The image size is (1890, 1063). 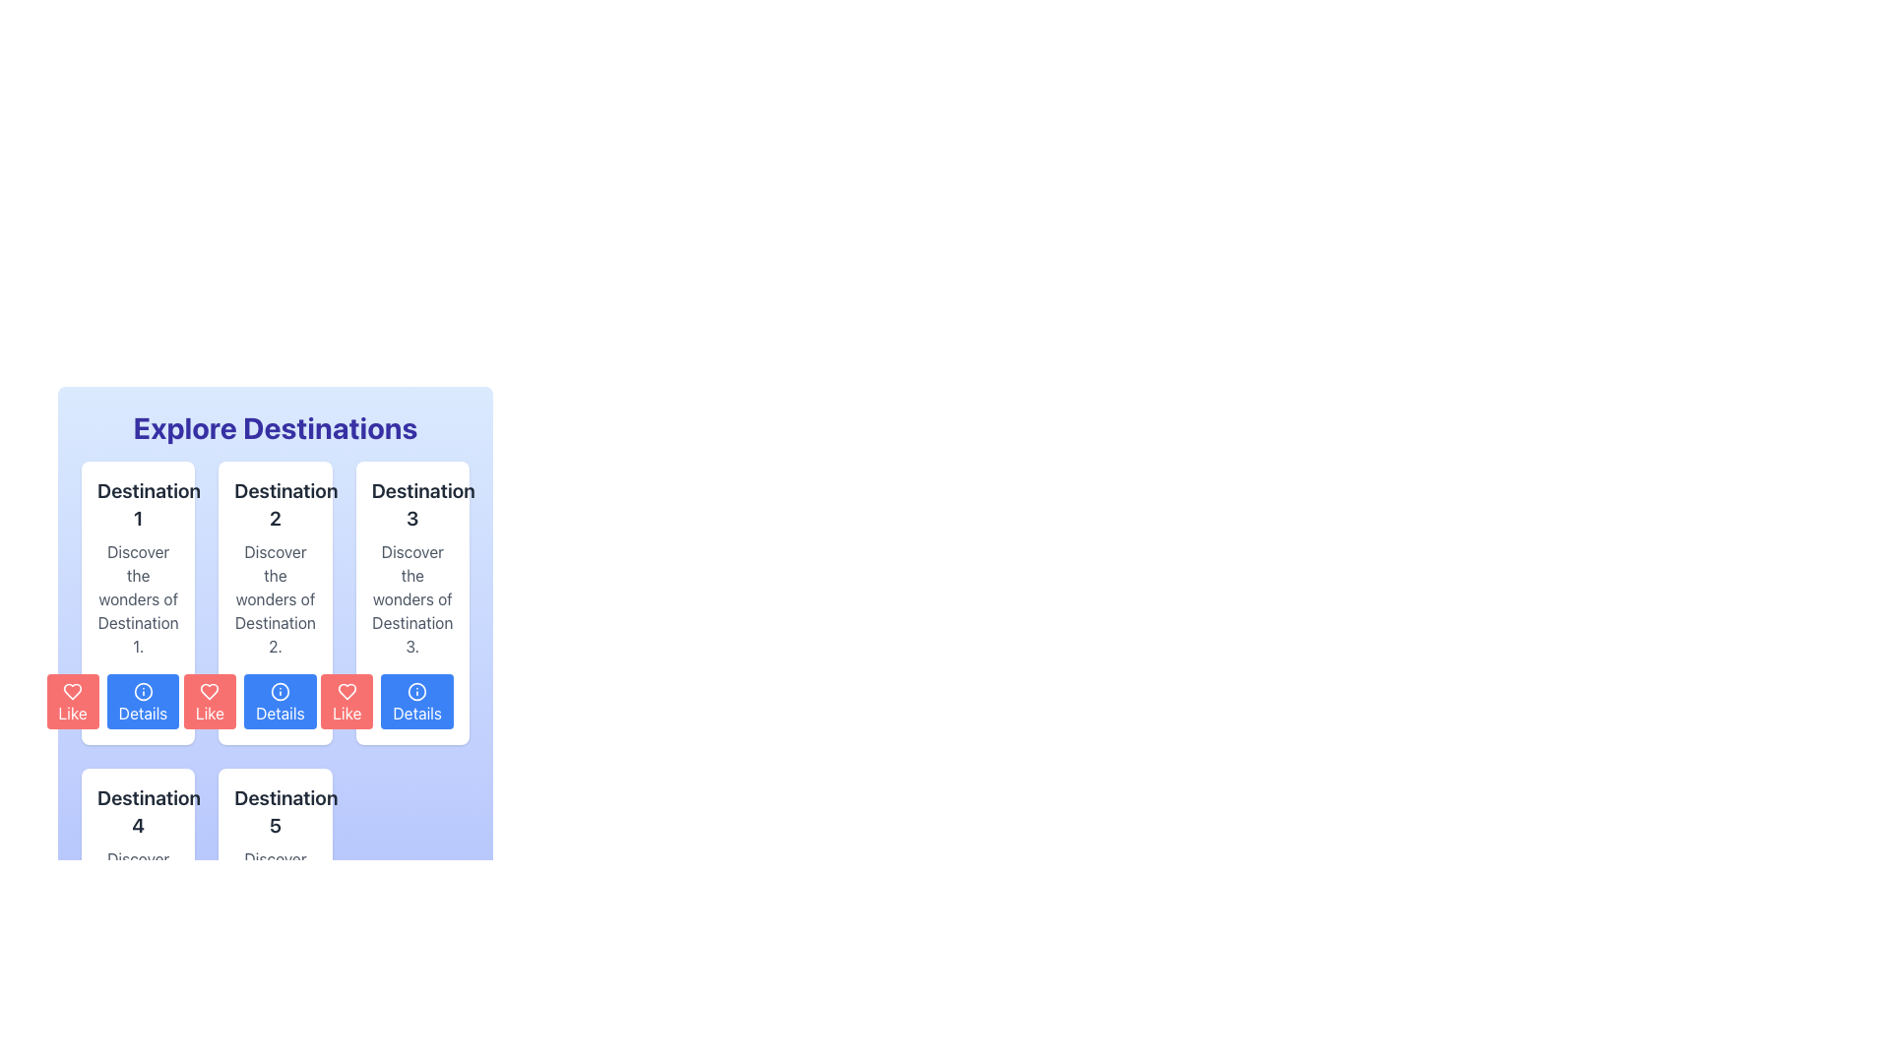 I want to click on the 'Details' button with a blue background and white text located at the bottom-right corner of the 'Destination 1' card, so click(x=137, y=701).